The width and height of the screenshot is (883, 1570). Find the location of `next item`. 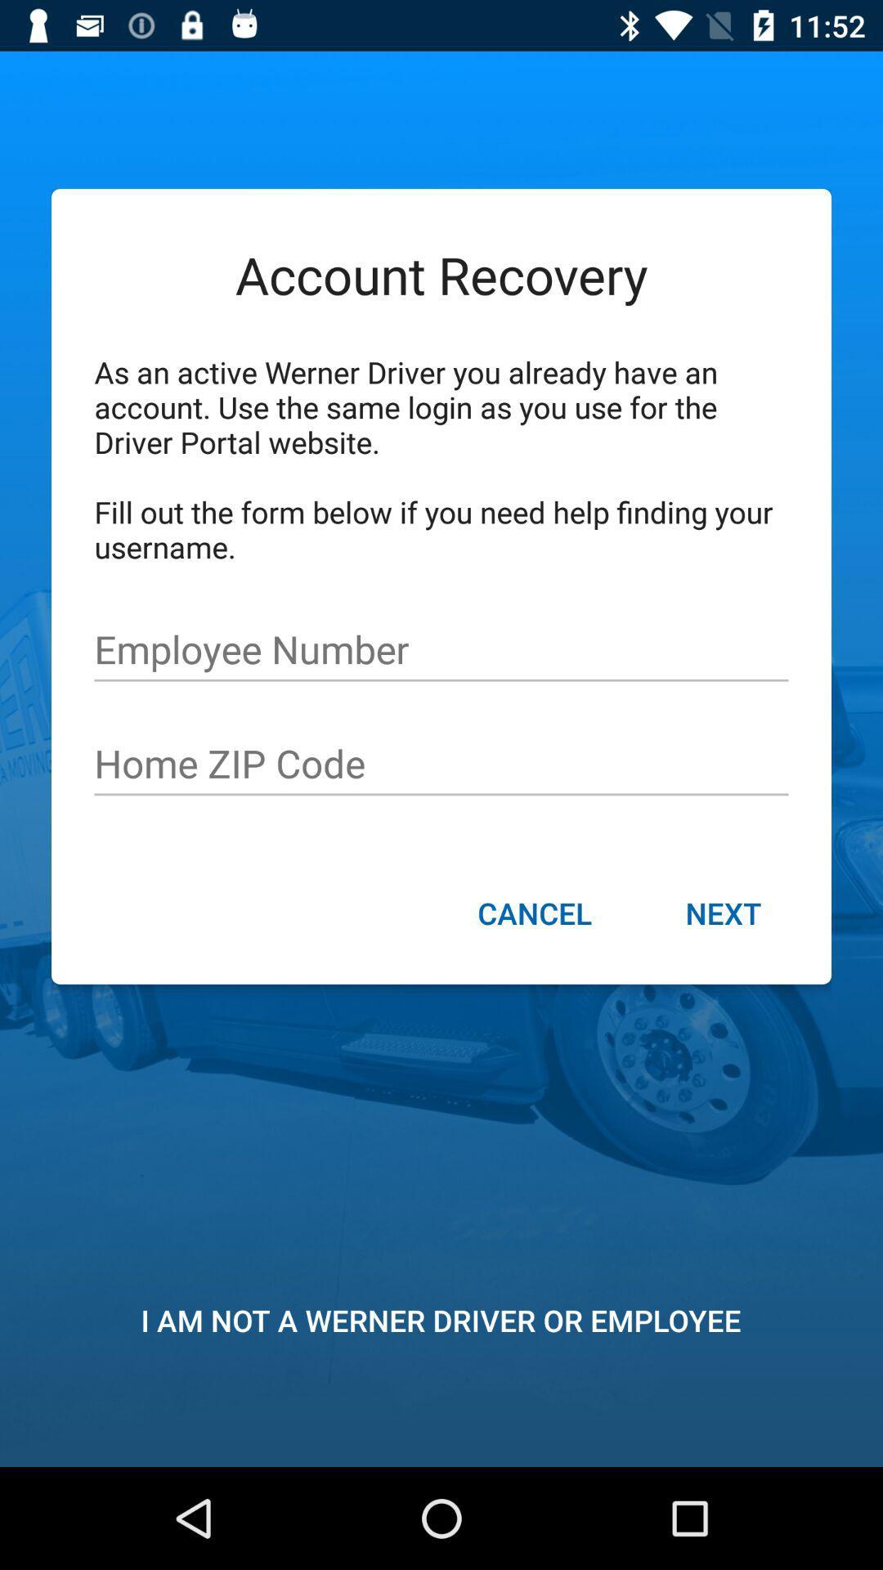

next item is located at coordinates (722, 914).